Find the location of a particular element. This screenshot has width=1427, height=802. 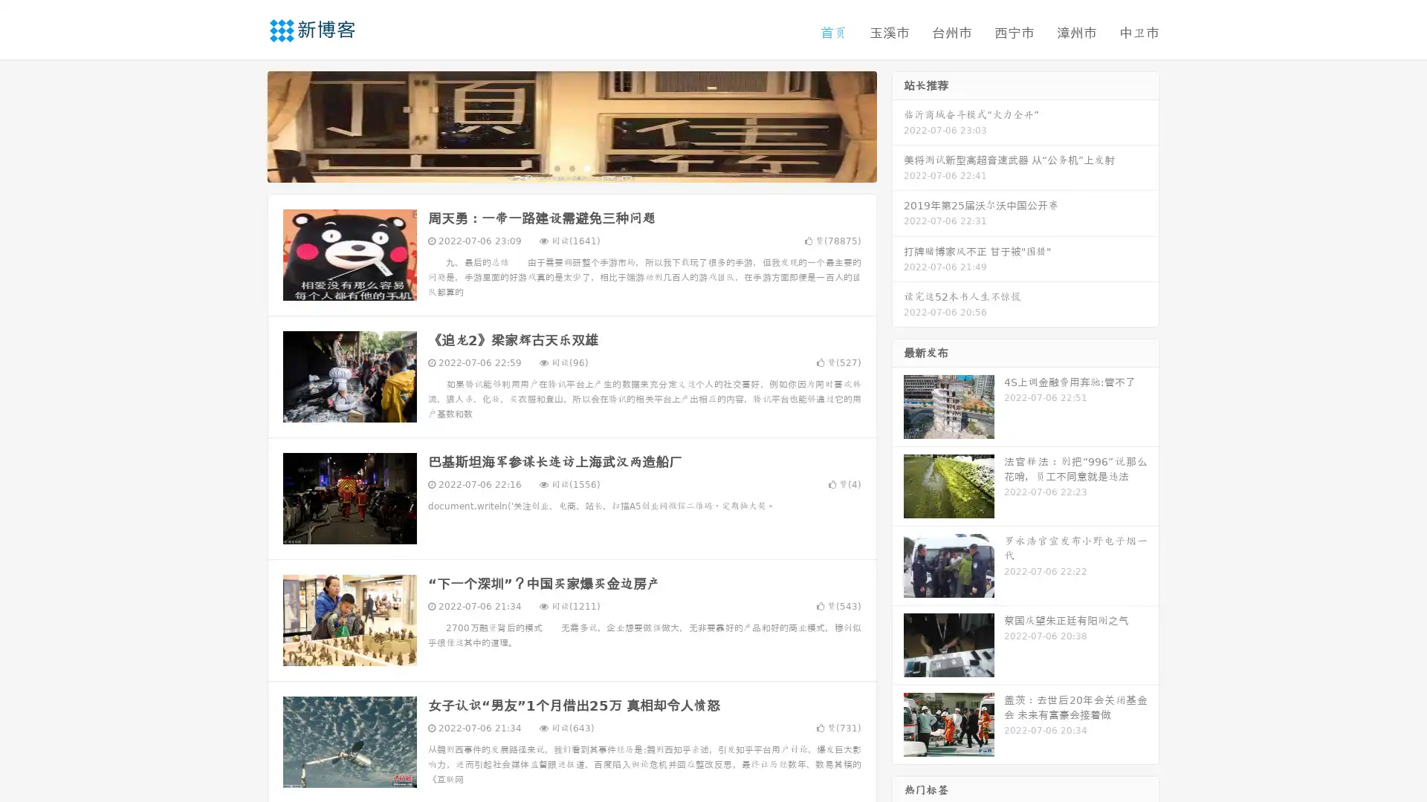

Go to slide 2 is located at coordinates (571, 167).